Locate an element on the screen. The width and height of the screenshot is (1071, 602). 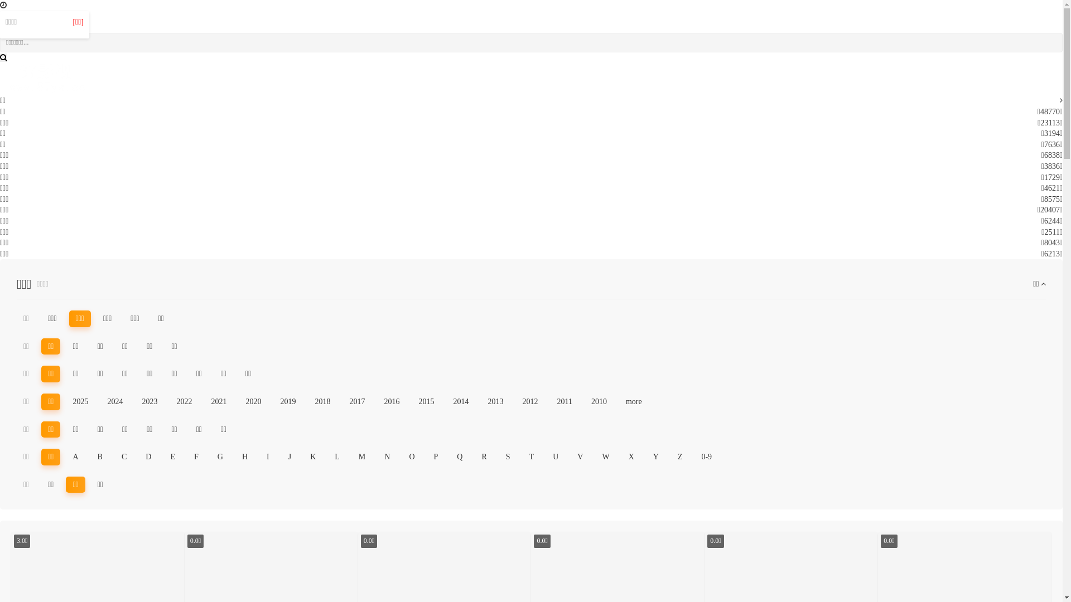
'2016' is located at coordinates (377, 402).